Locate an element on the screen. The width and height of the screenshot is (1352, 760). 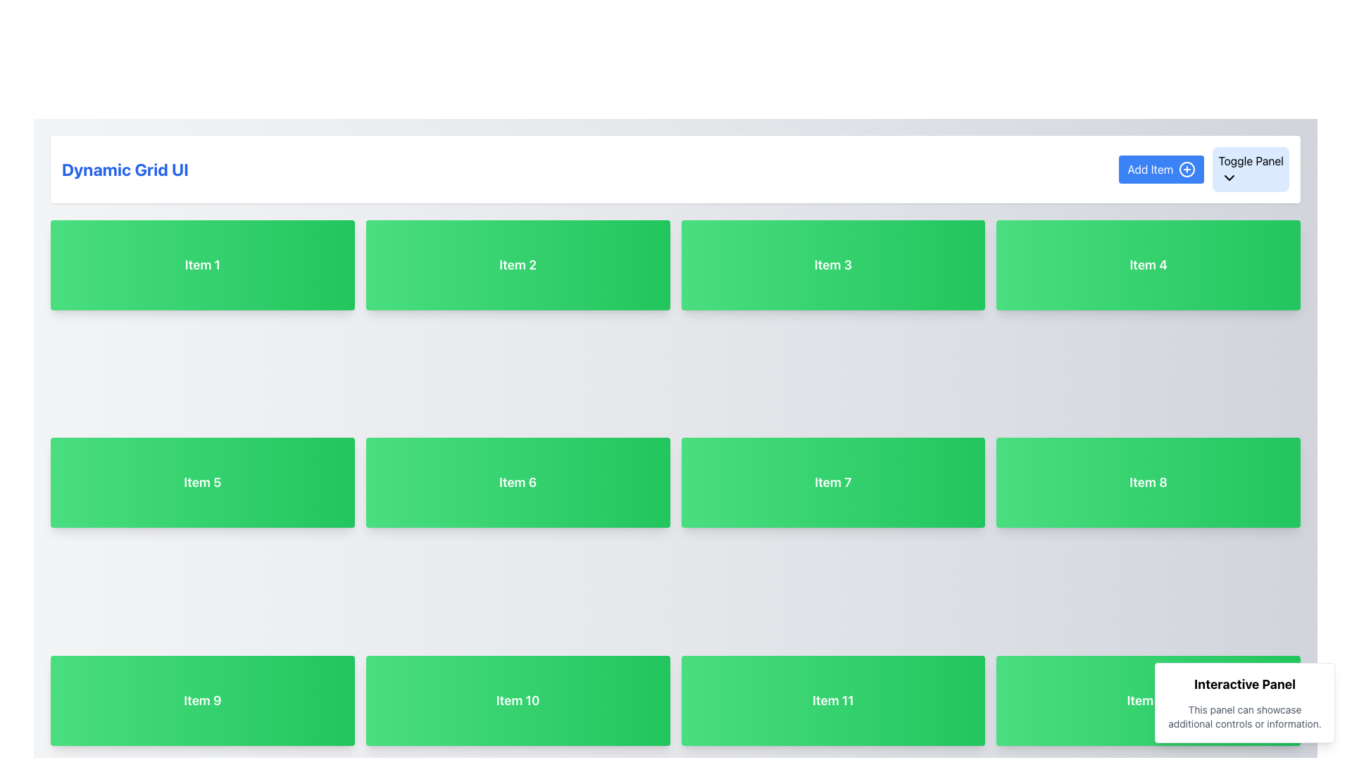
the text item block located in the second row, fourth column of the grid layout is located at coordinates (1148, 482).